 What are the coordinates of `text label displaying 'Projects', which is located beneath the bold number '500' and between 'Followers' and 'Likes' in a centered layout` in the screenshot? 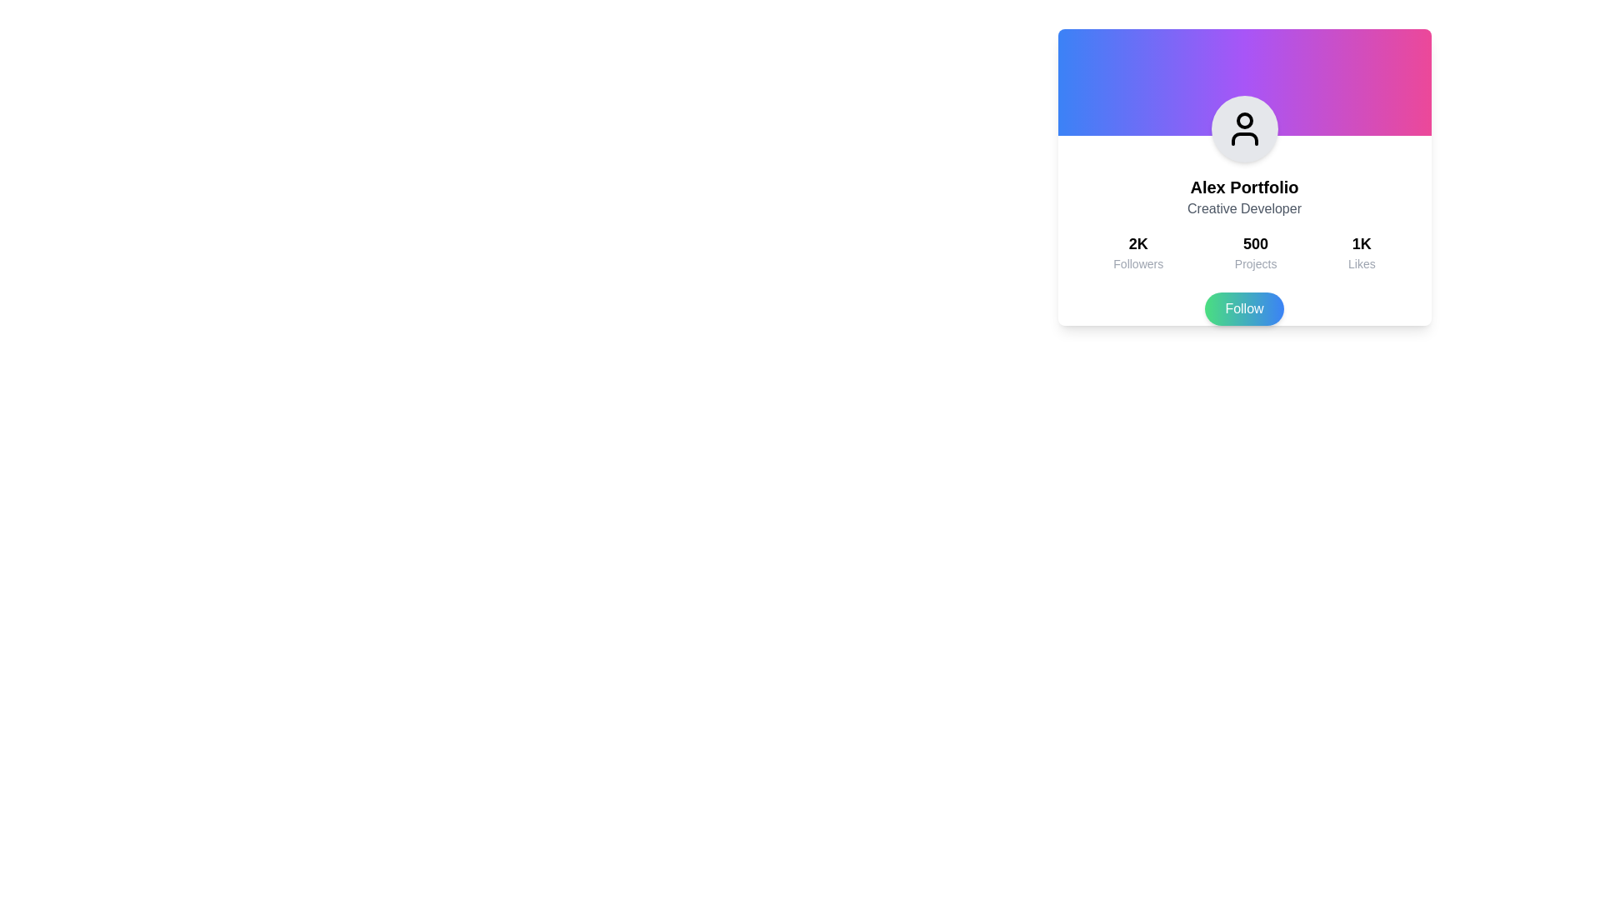 It's located at (1256, 262).